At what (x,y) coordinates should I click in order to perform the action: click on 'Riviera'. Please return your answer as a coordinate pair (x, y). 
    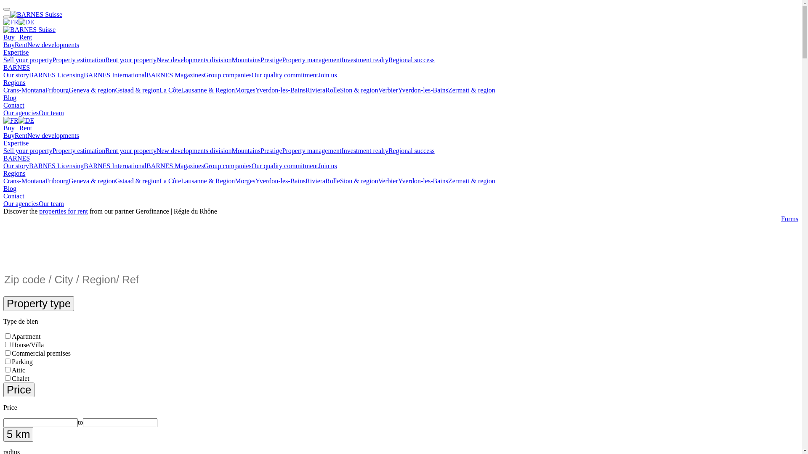
    Looking at the image, I should click on (315, 90).